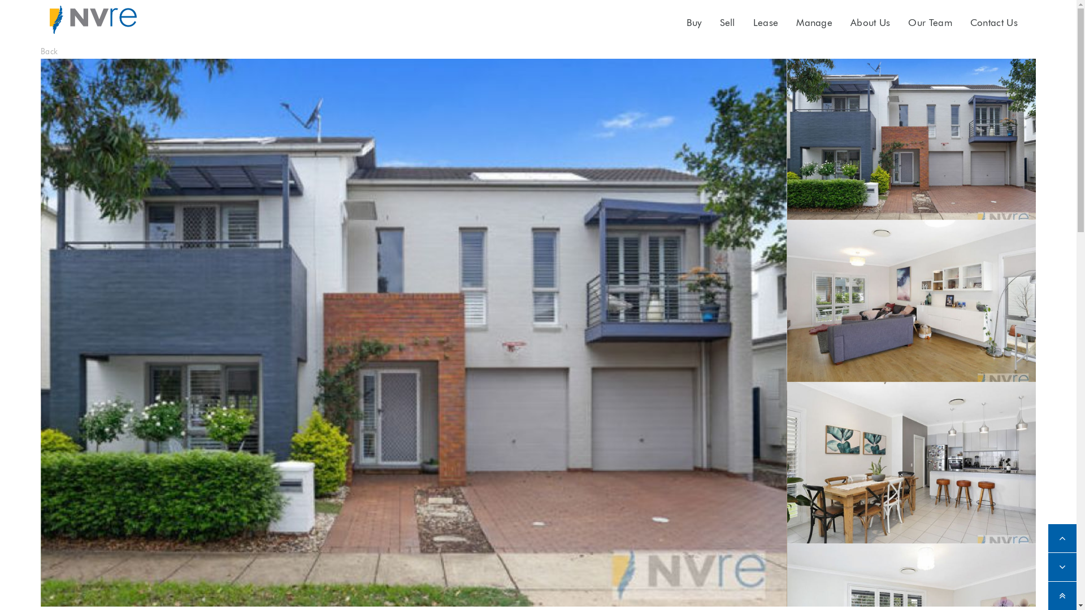  What do you see at coordinates (766, 22) in the screenshot?
I see `'Lease'` at bounding box center [766, 22].